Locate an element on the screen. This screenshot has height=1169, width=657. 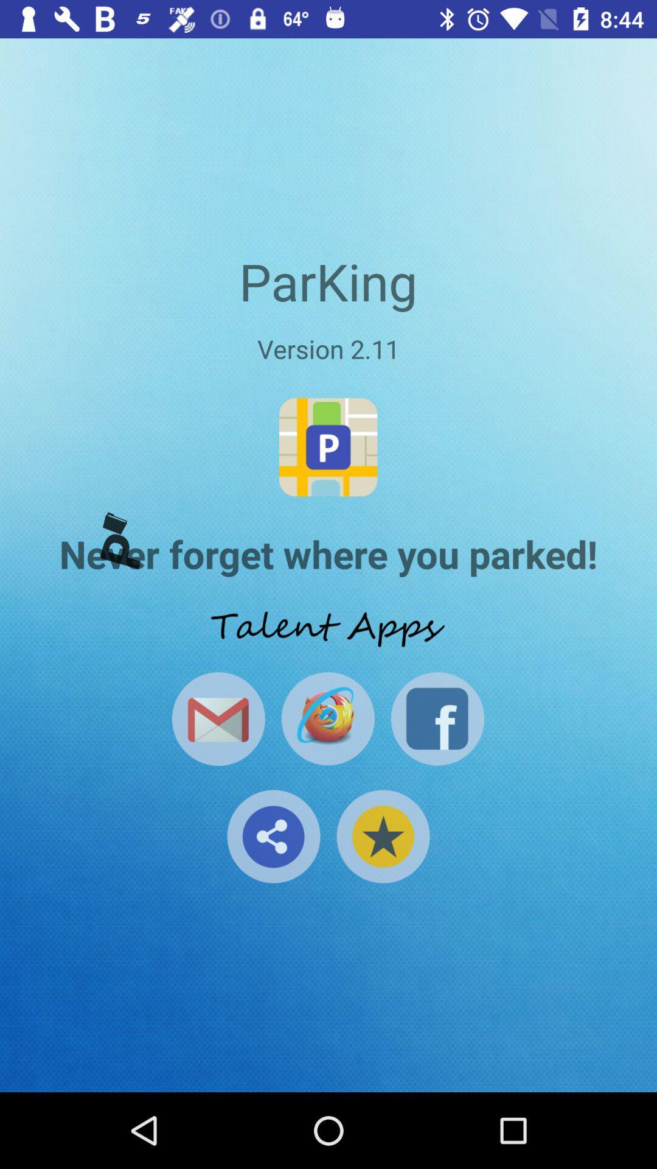
the share icon is located at coordinates (274, 835).